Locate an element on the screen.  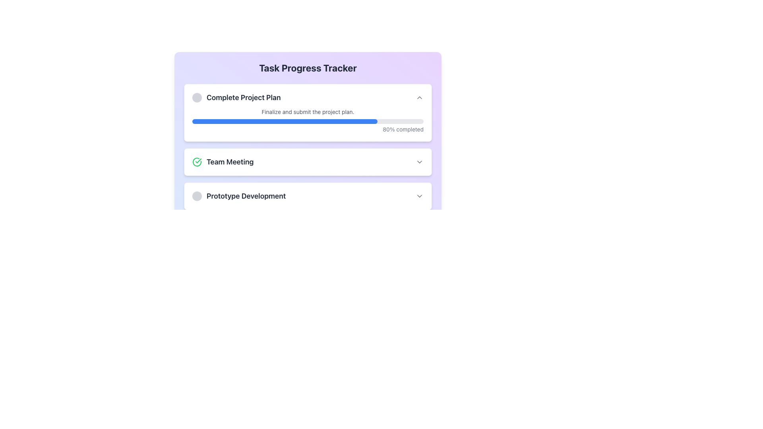
the progress bar which visually indicates the task's completion level, positioned between the text 'Finalize and submit the project plan.' and '80% completed' is located at coordinates (307, 121).